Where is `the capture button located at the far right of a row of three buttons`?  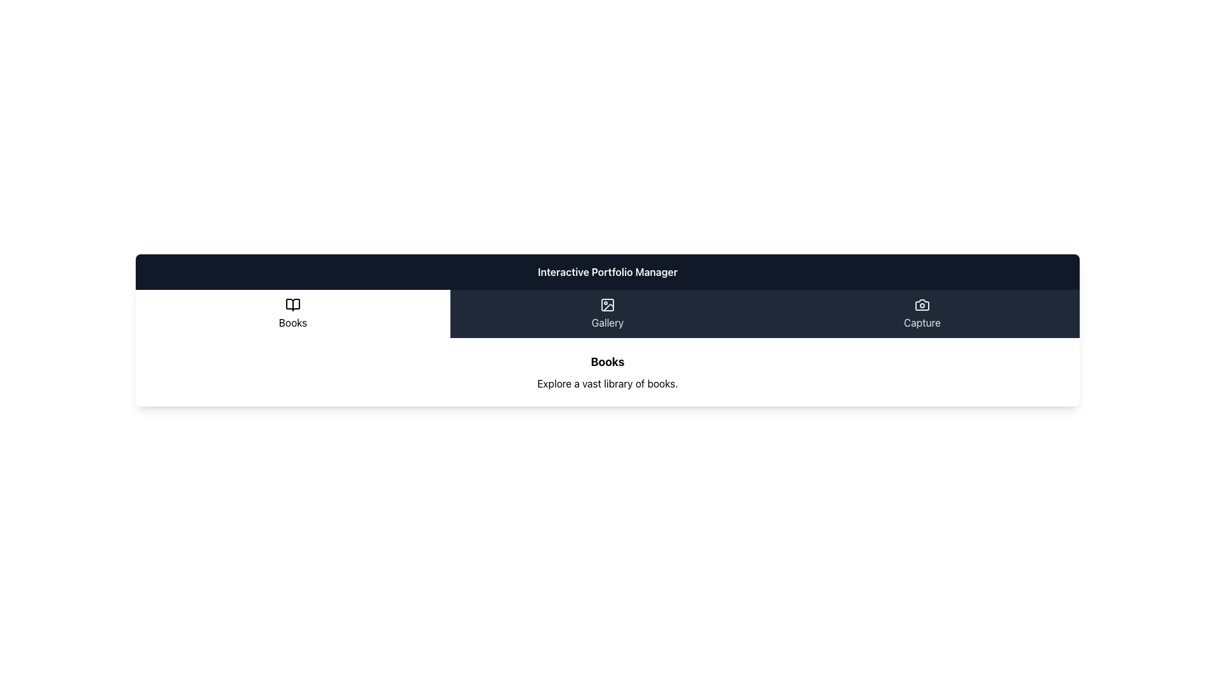 the capture button located at the far right of a row of three buttons is located at coordinates (922, 313).